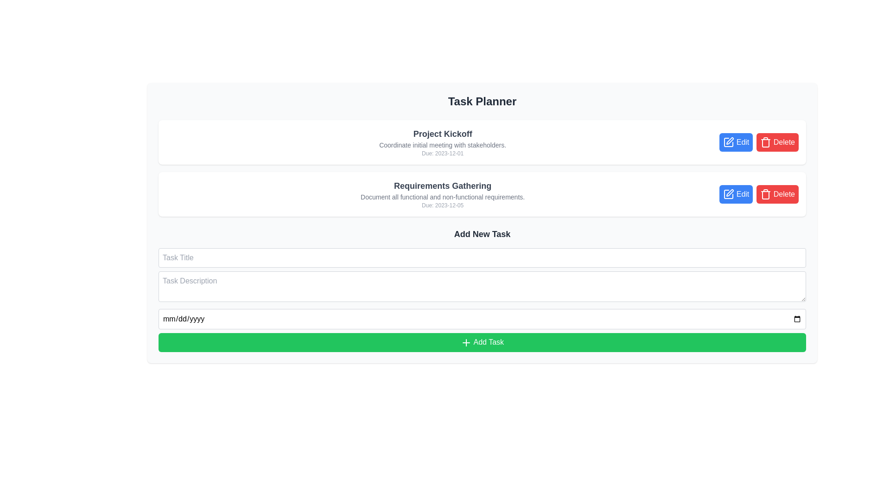 Image resolution: width=890 pixels, height=501 pixels. What do you see at coordinates (728, 142) in the screenshot?
I see `the pen icon inside the blue 'Edit' button` at bounding box center [728, 142].